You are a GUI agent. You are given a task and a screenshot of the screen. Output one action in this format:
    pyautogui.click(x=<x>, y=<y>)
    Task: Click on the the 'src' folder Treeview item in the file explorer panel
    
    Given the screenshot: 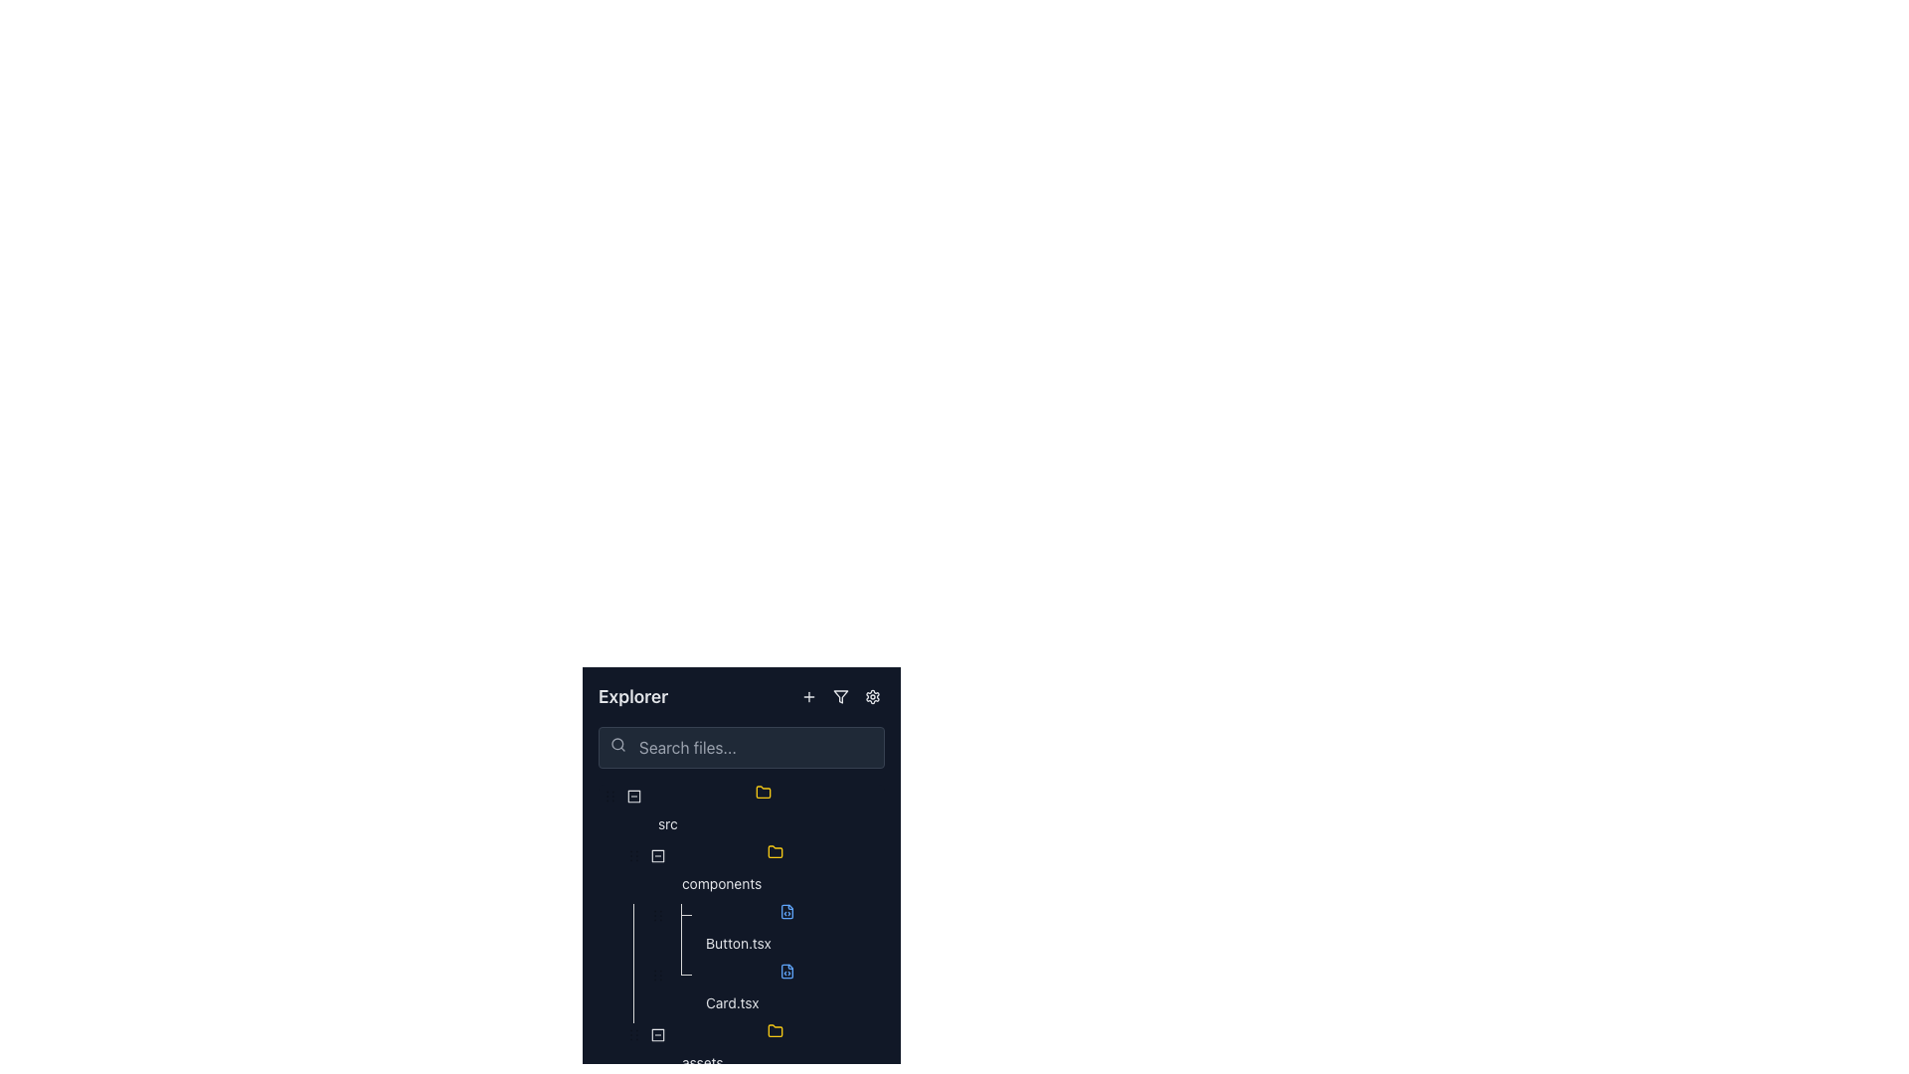 What is the action you would take?
    pyautogui.click(x=740, y=812)
    